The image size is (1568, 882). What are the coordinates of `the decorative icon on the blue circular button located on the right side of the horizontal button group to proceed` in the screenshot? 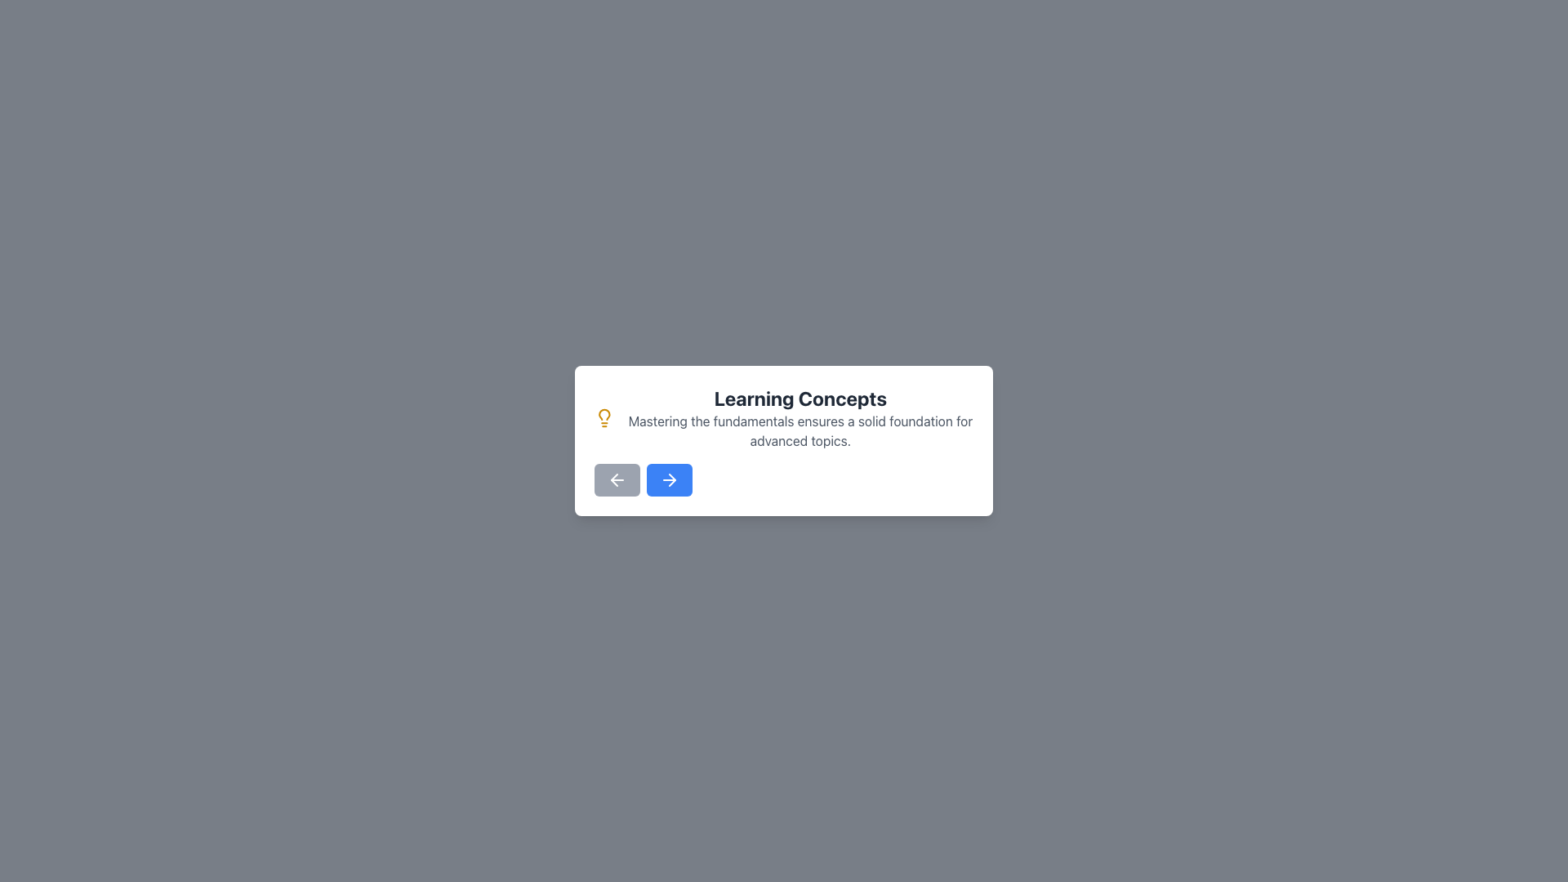 It's located at (672, 479).